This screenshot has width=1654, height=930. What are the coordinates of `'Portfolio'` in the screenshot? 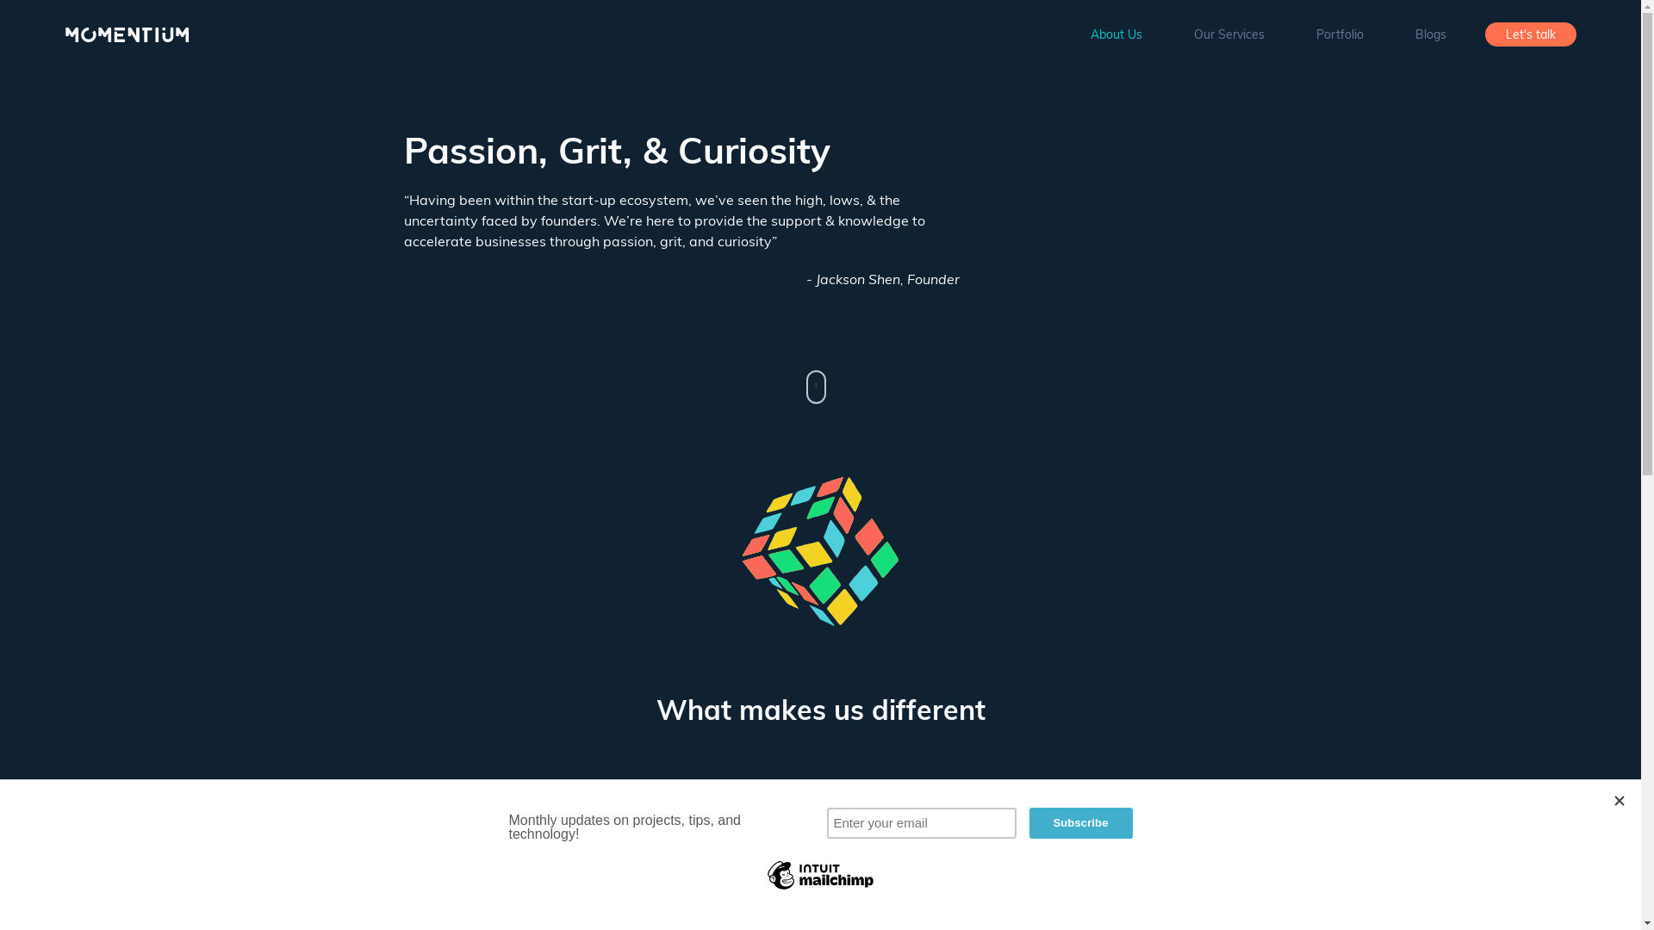 It's located at (1339, 34).